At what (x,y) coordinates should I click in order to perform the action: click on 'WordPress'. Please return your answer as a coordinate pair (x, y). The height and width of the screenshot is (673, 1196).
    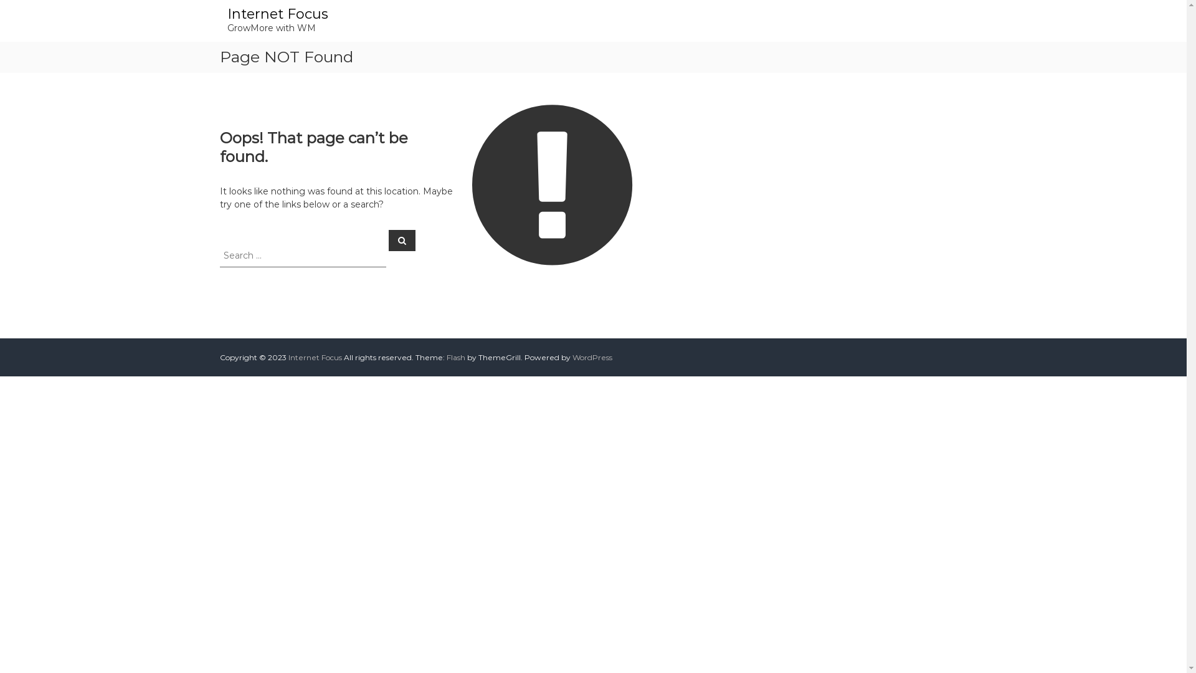
    Looking at the image, I should click on (591, 357).